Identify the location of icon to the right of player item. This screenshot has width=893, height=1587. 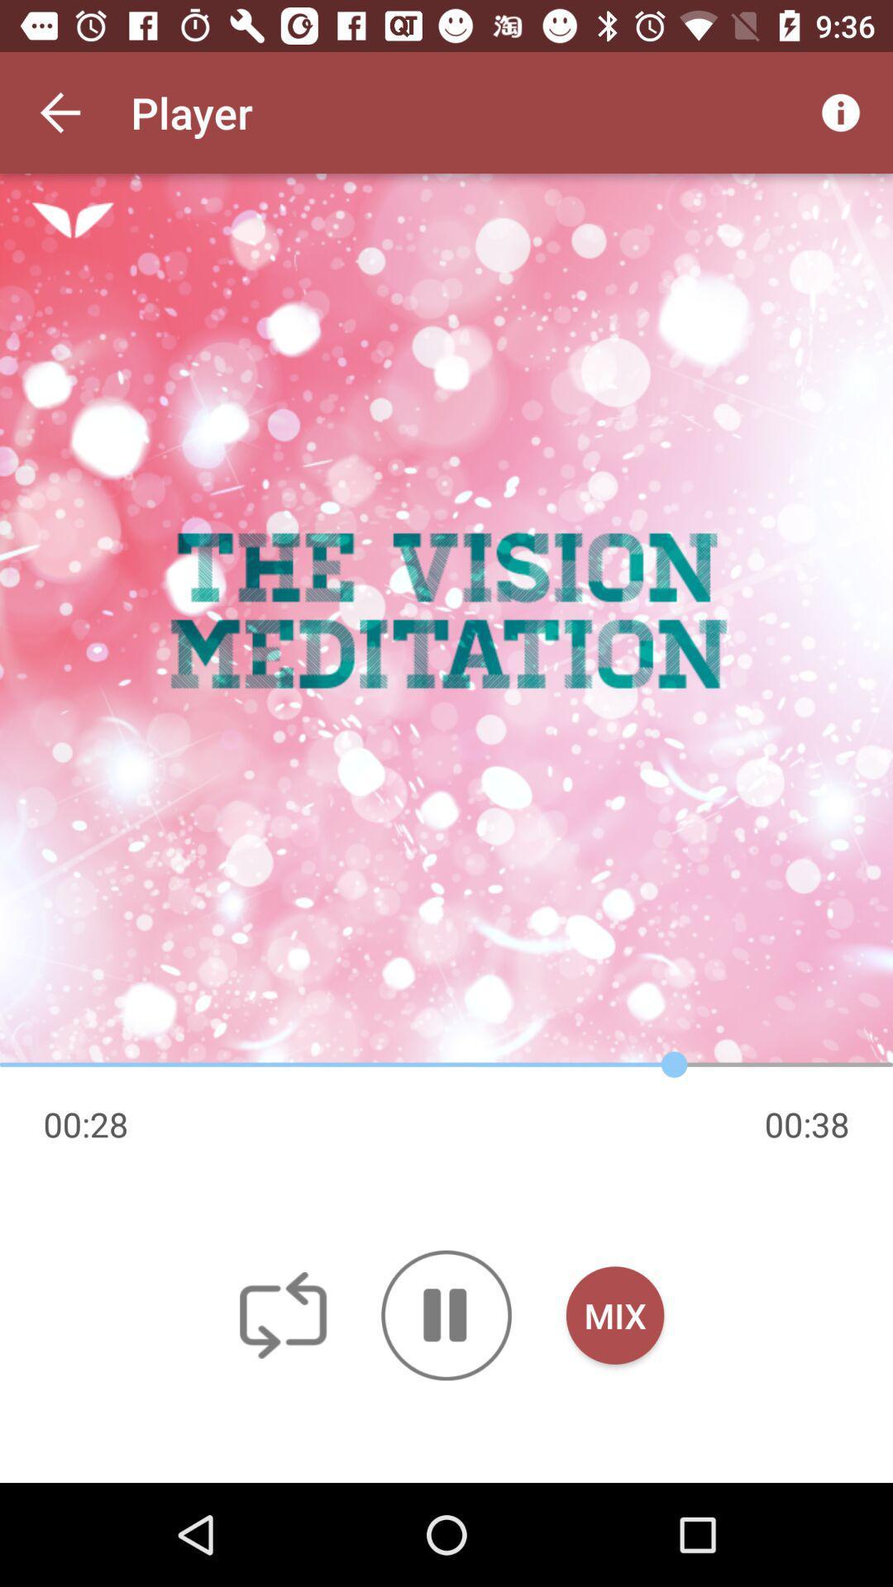
(841, 112).